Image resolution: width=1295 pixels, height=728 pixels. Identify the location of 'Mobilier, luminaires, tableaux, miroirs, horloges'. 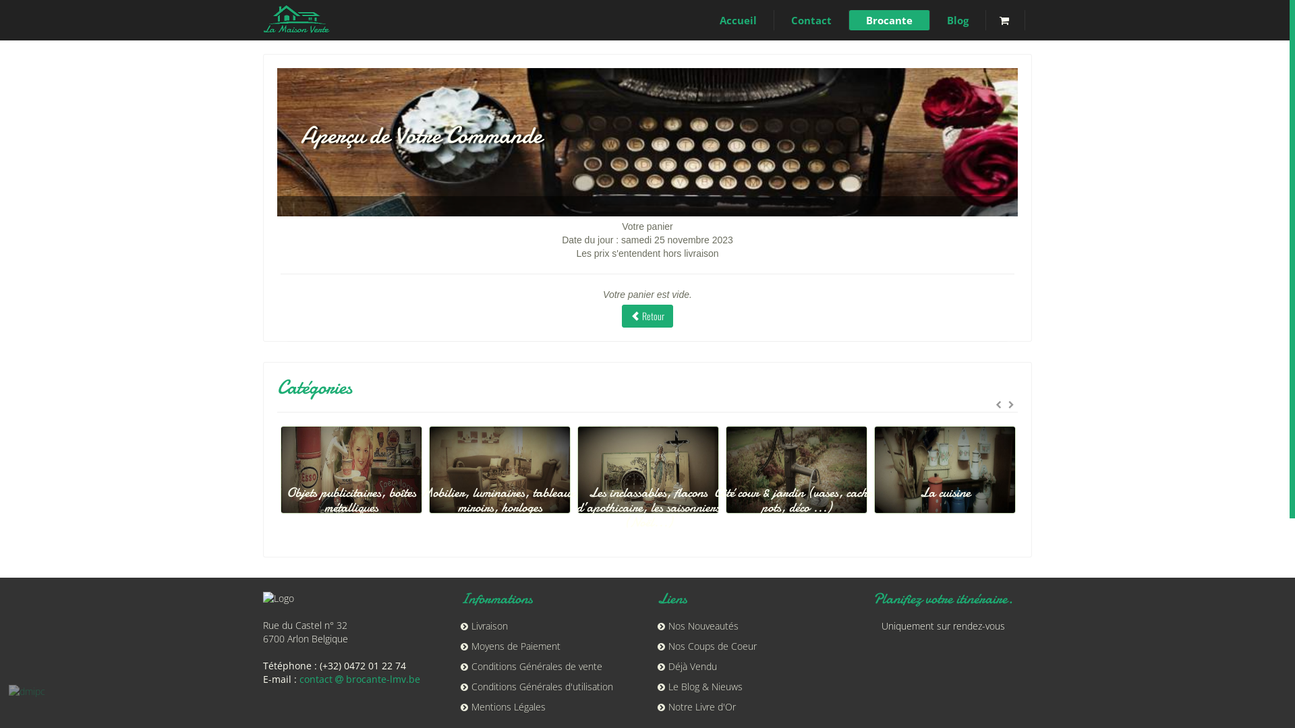
(556, 491).